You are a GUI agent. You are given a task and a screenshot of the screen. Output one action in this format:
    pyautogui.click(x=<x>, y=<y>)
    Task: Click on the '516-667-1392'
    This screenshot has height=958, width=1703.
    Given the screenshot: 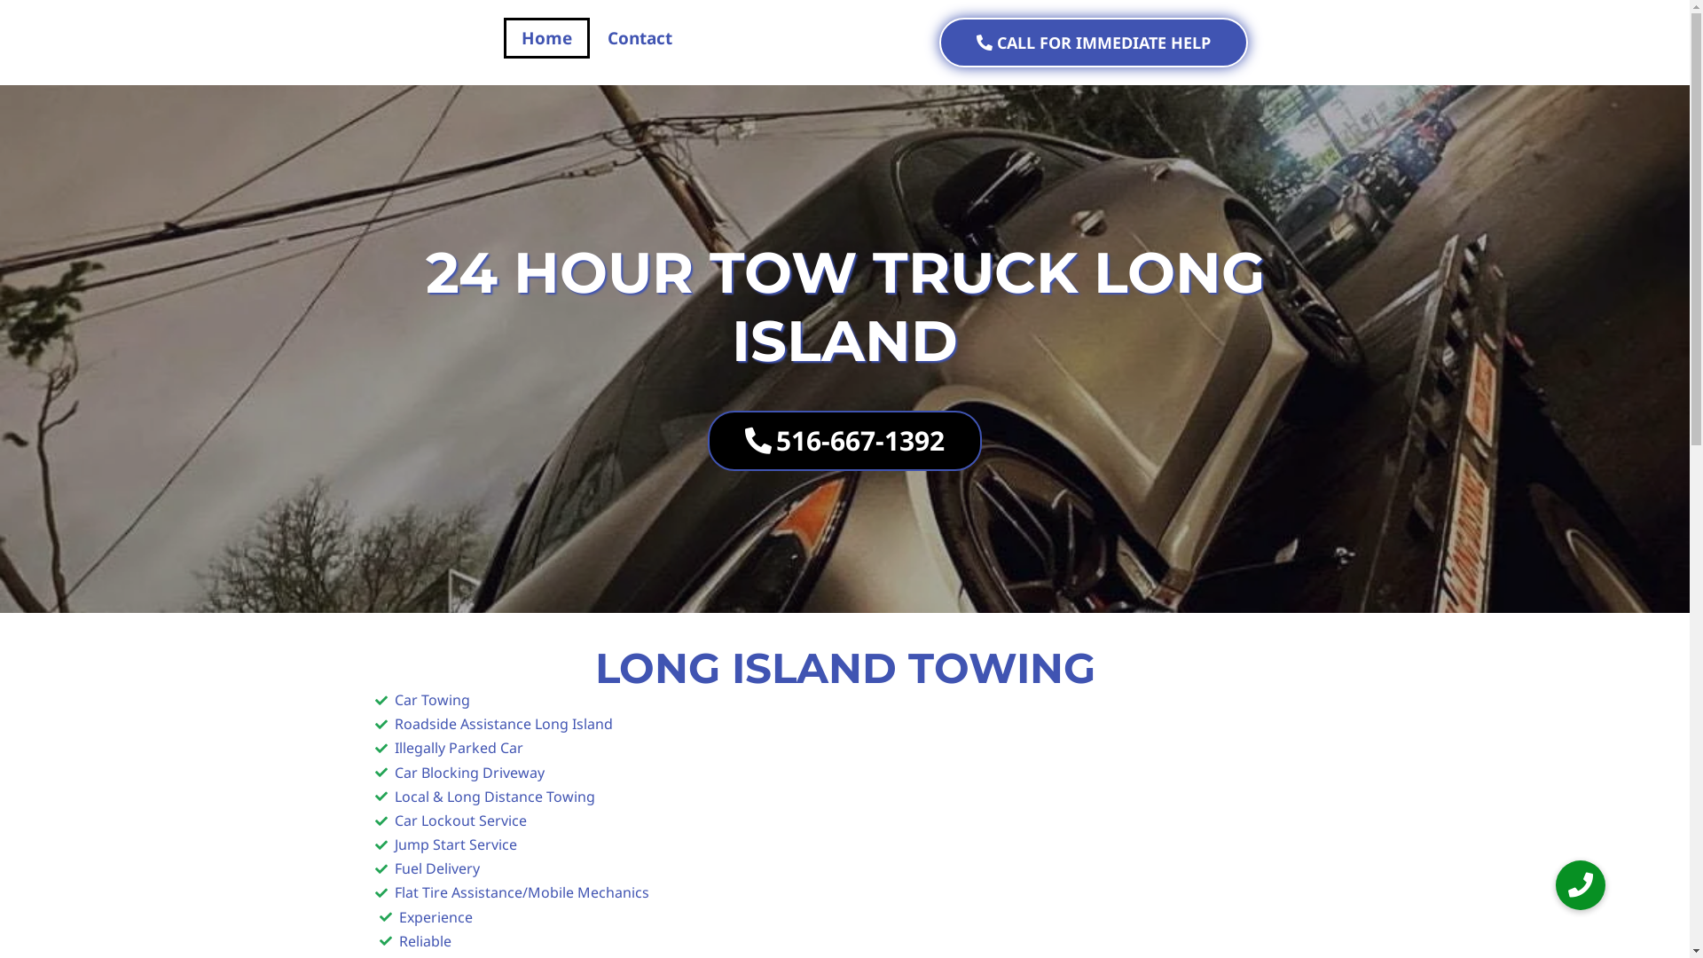 What is the action you would take?
    pyautogui.click(x=844, y=440)
    